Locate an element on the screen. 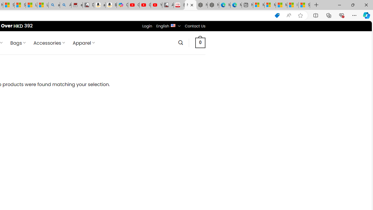  'Copilot' is located at coordinates (122, 5).